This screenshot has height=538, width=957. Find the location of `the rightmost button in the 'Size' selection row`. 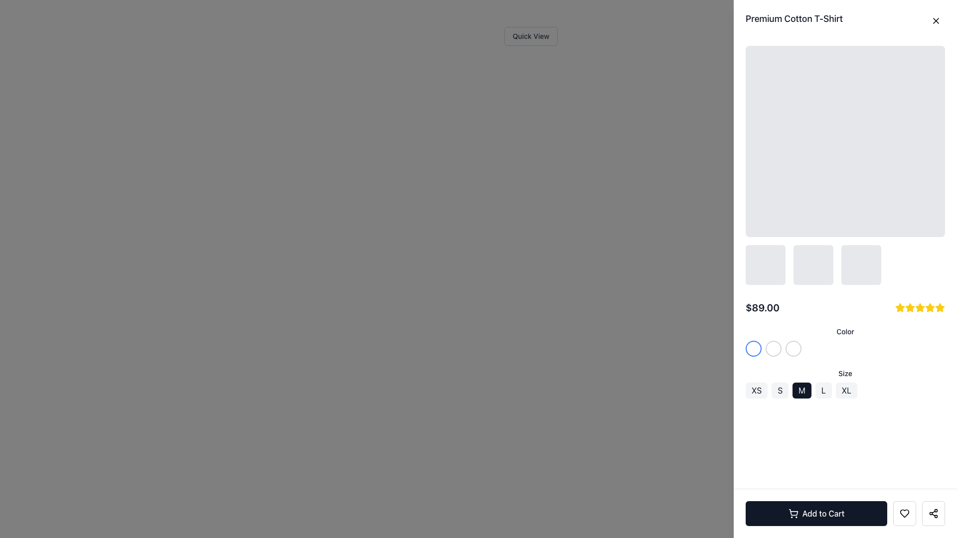

the rightmost button in the 'Size' selection row is located at coordinates (846, 390).